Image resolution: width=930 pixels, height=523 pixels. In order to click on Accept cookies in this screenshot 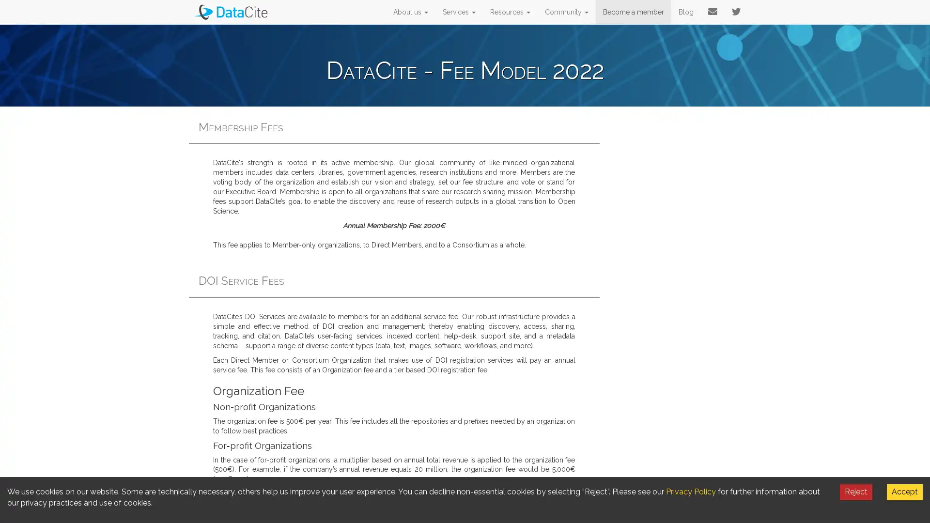, I will do `click(904, 492)`.